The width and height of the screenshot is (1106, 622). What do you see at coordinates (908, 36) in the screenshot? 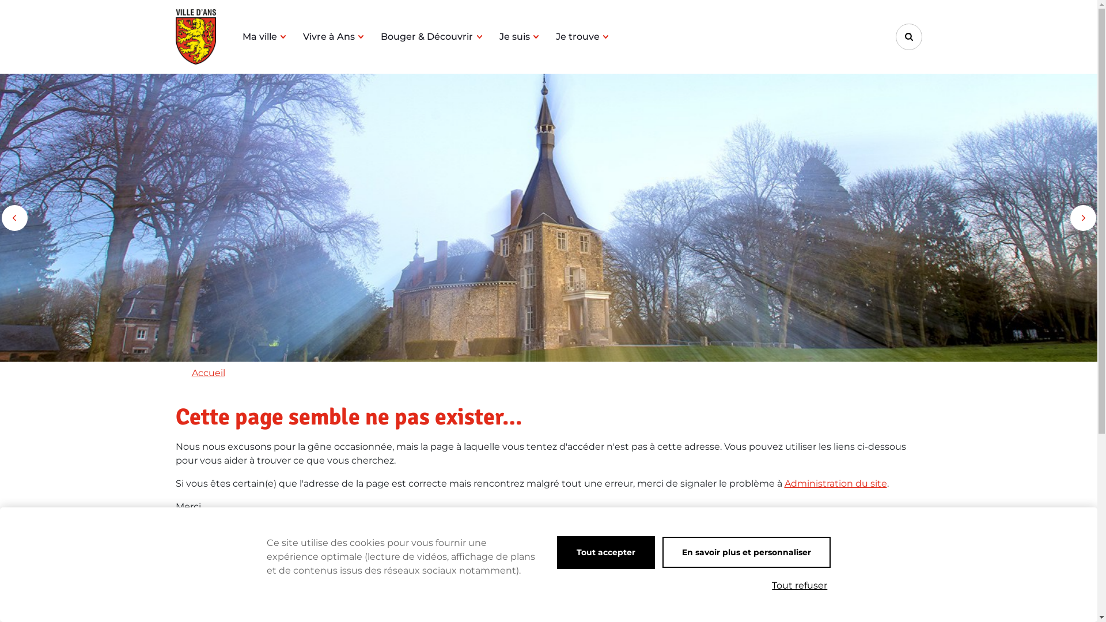
I see `'Rechercher'` at bounding box center [908, 36].